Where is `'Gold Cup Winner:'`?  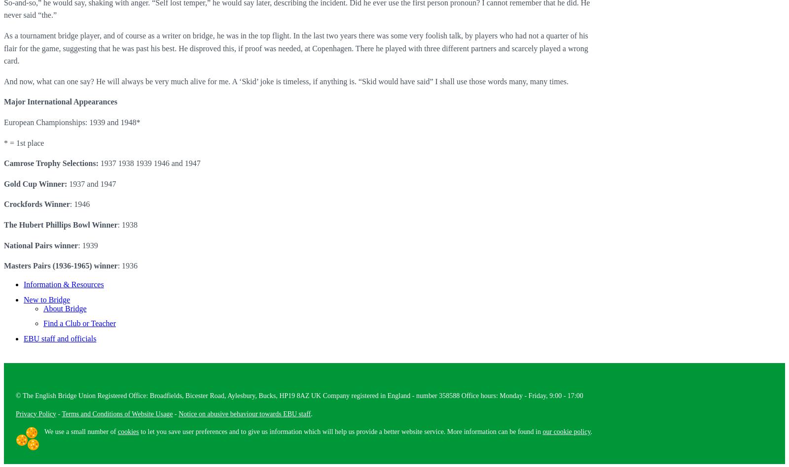 'Gold Cup Winner:' is located at coordinates (35, 183).